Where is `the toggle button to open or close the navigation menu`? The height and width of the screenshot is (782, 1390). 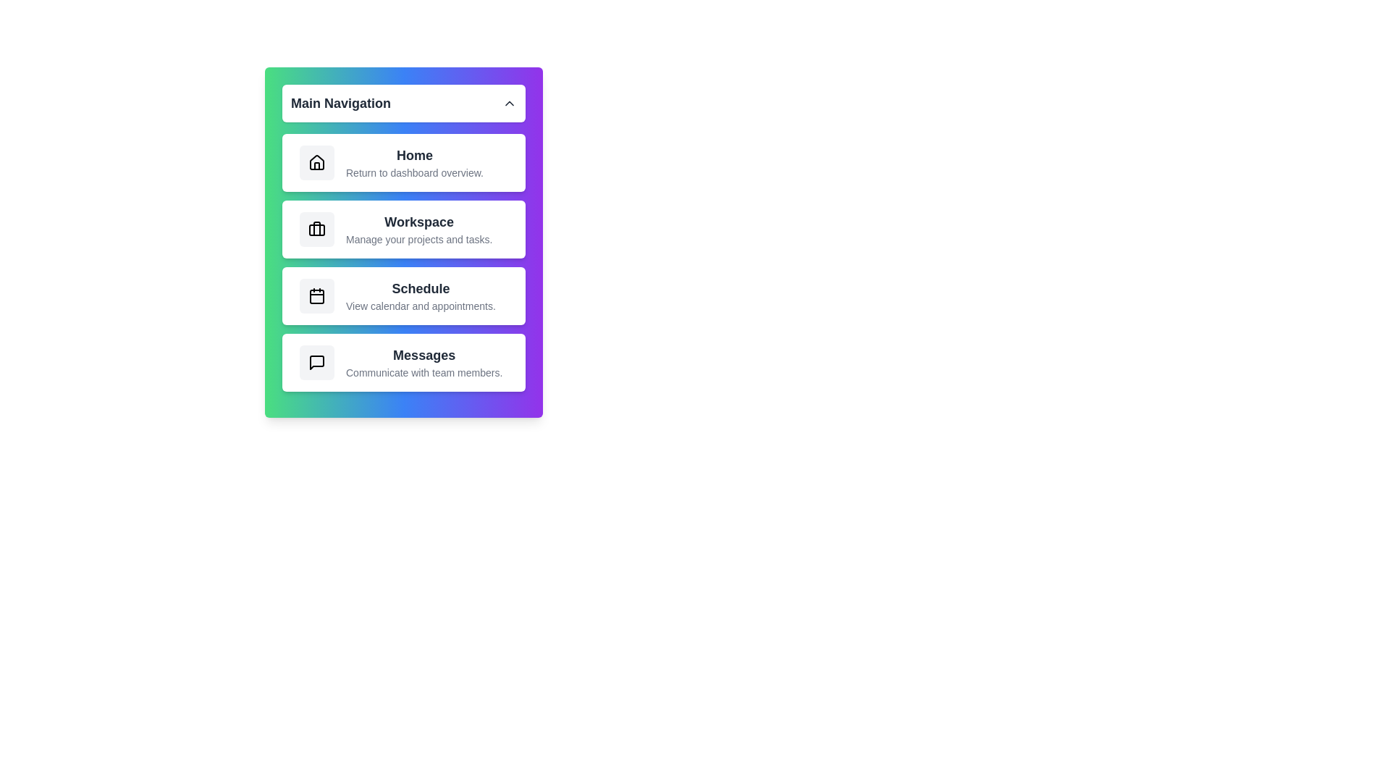
the toggle button to open or close the navigation menu is located at coordinates (403, 102).